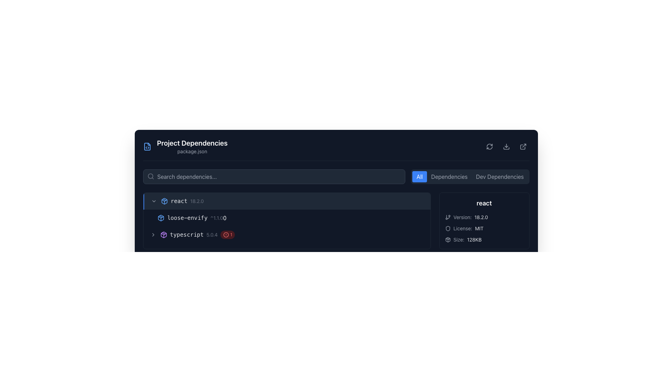 The image size is (672, 378). Describe the element at coordinates (287, 201) in the screenshot. I see `the first dependency list item representing the dependency 'react' version '18.2.0' in the 'Project Dependencies' section` at that location.